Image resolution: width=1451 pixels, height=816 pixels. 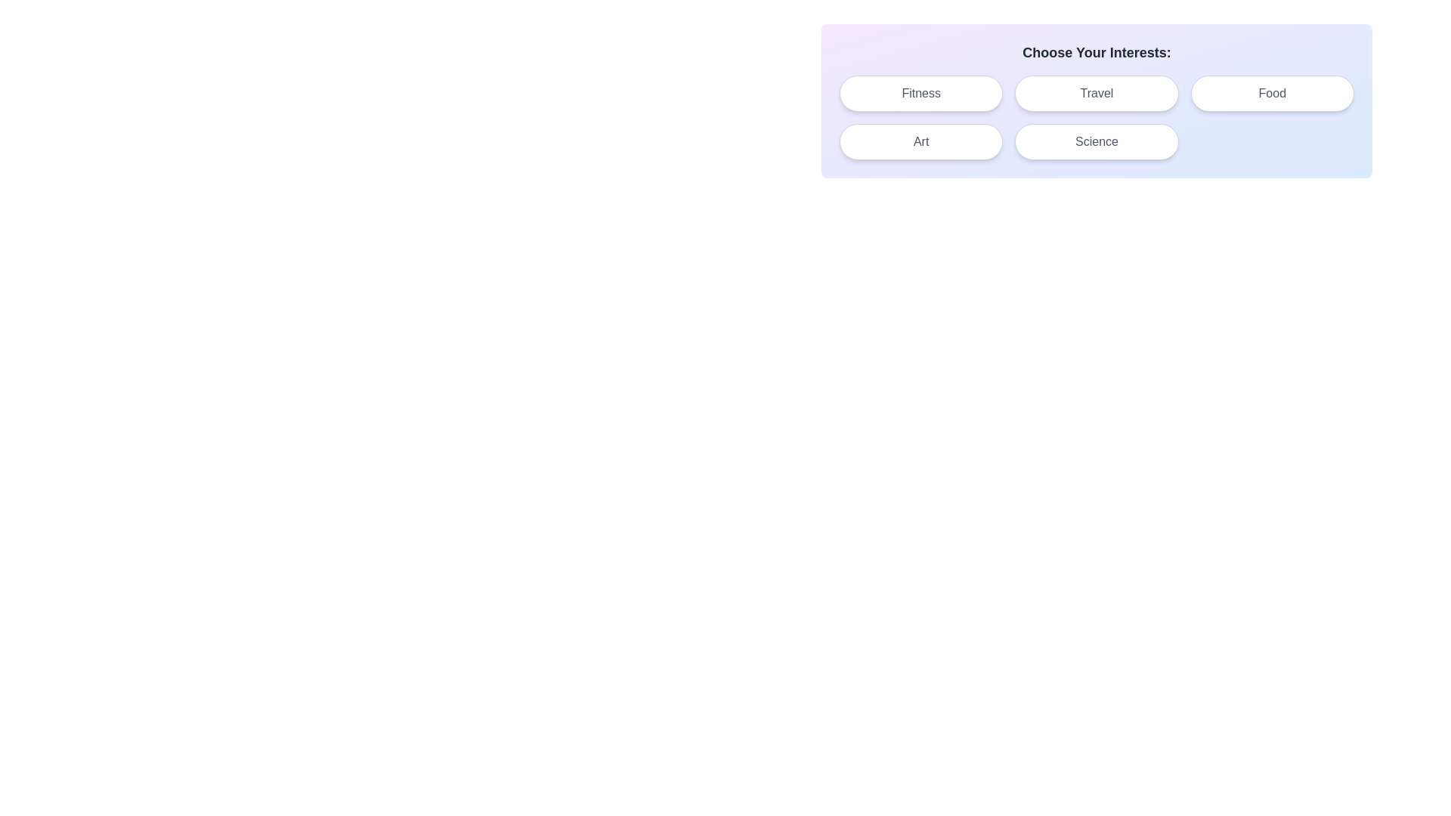 What do you see at coordinates (920, 93) in the screenshot?
I see `the chip labeled Fitness to observe the hover effect` at bounding box center [920, 93].